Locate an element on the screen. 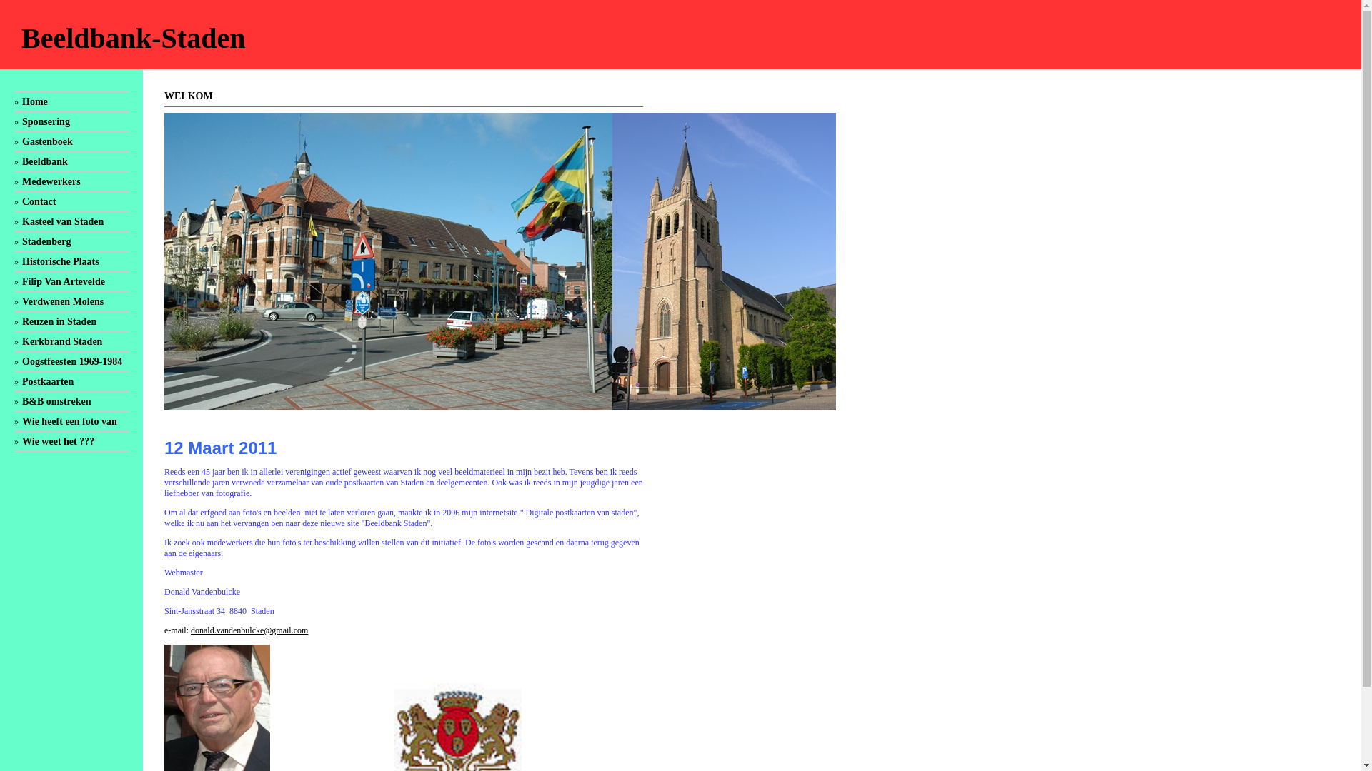  'Stadenberg' is located at coordinates (46, 241).